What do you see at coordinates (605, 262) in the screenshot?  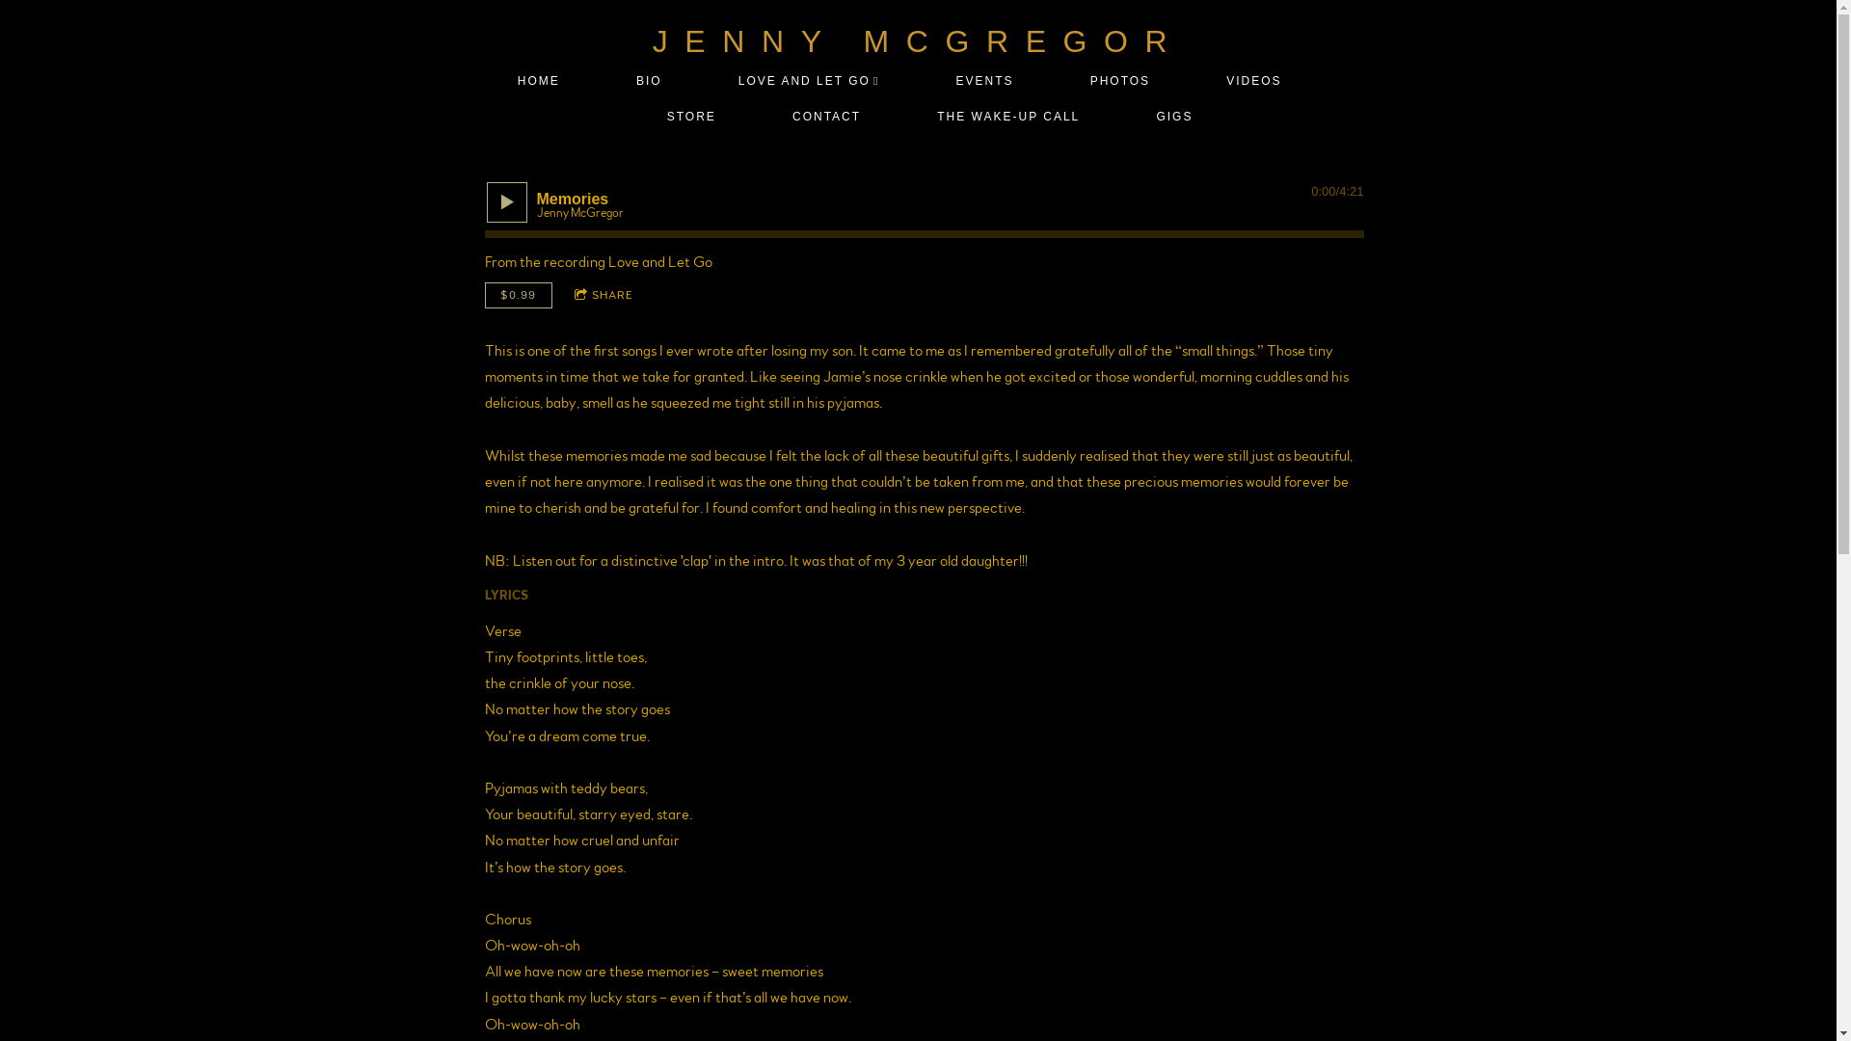 I see `'Love and Let Go'` at bounding box center [605, 262].